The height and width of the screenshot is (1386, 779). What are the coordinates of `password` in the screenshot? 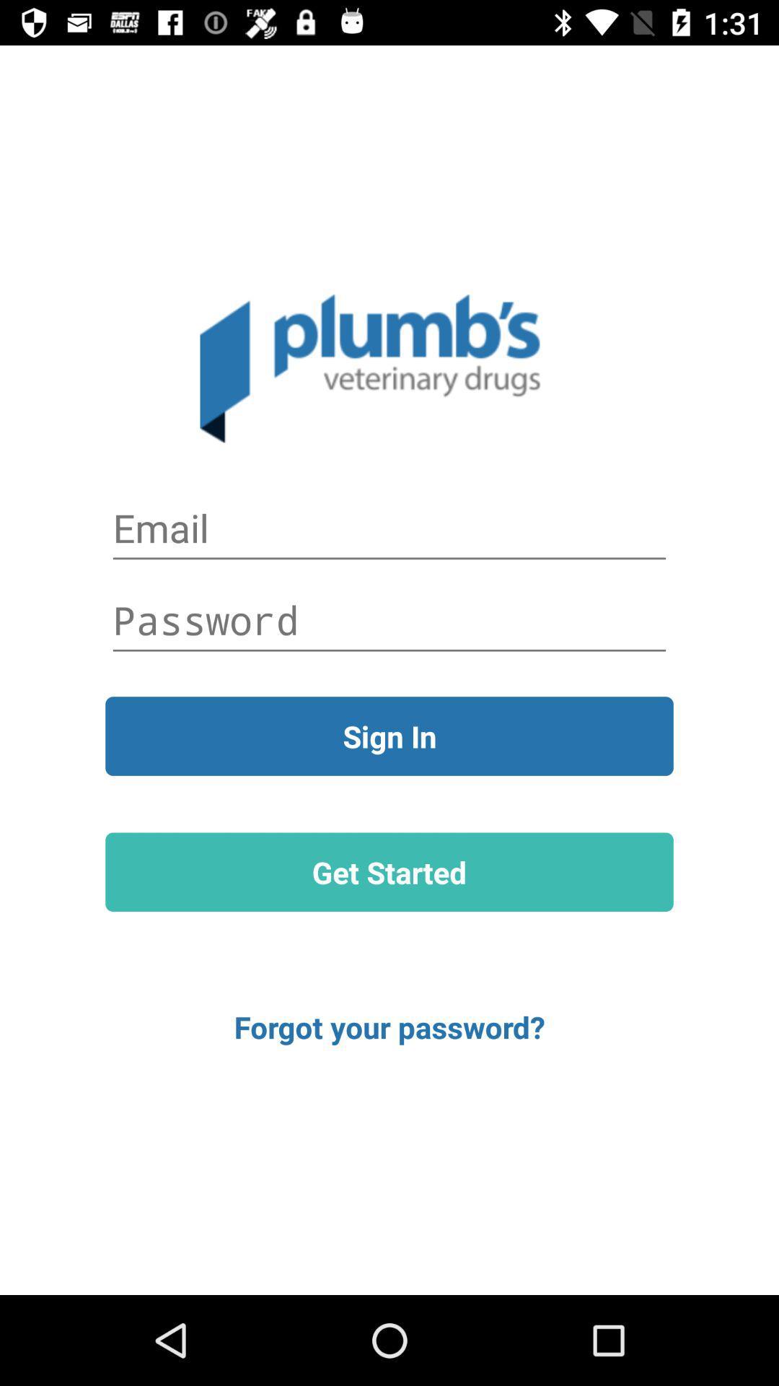 It's located at (389, 620).